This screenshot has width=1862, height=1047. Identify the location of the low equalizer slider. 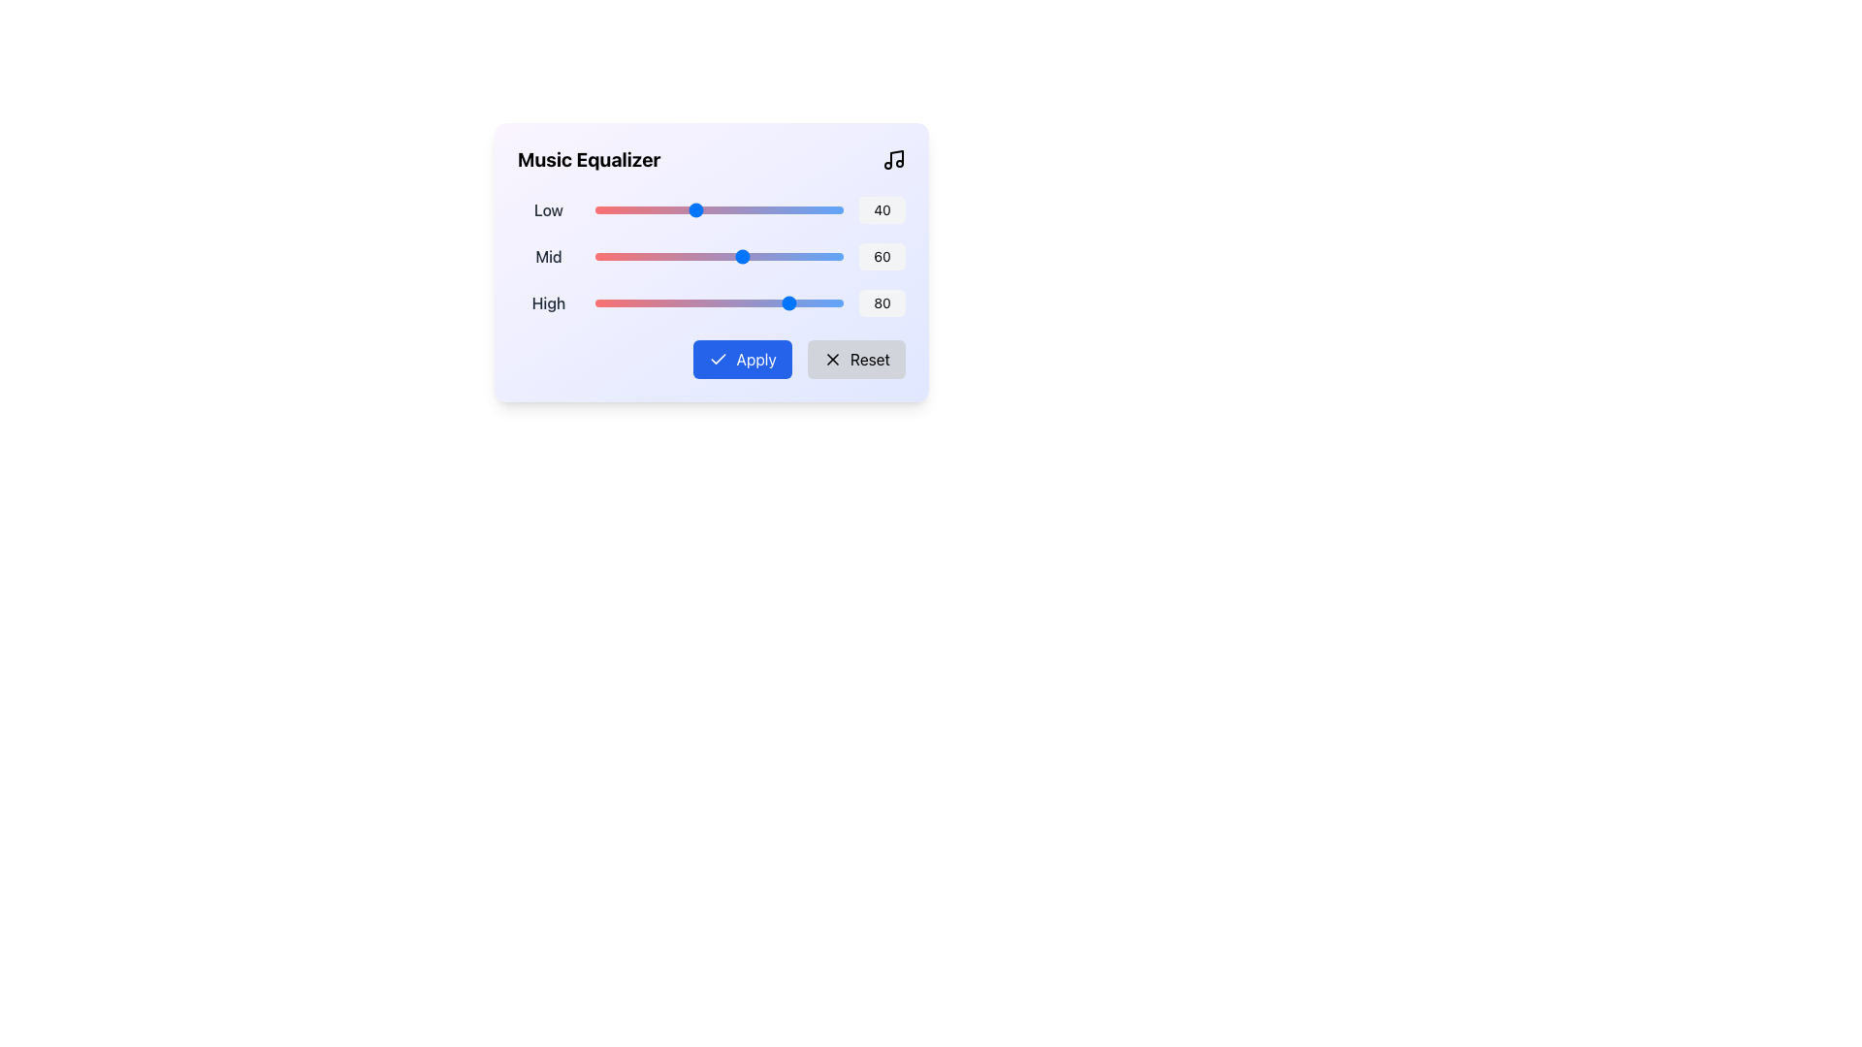
(691, 209).